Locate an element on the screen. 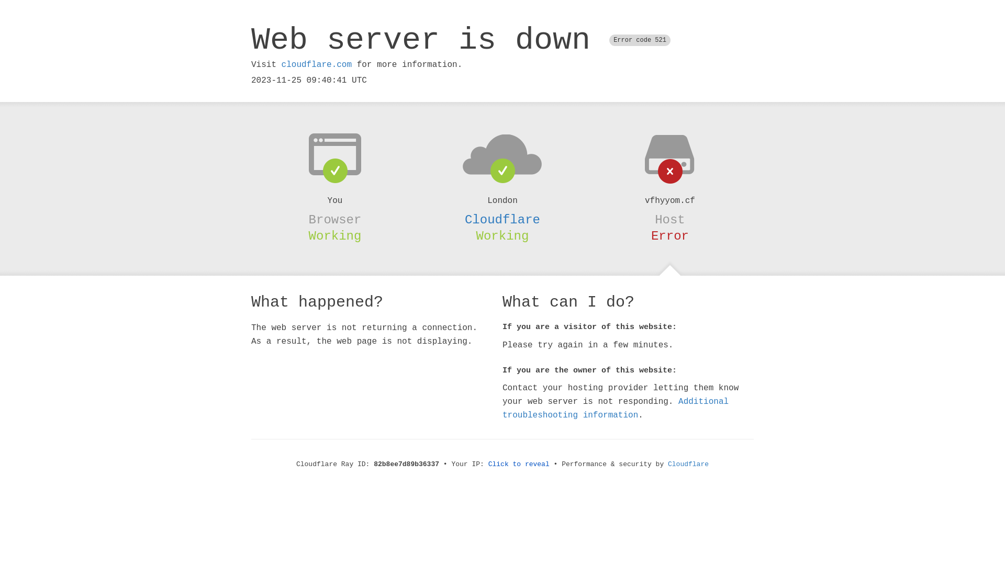 The width and height of the screenshot is (1005, 565). 'Additional troubleshooting information' is located at coordinates (502, 408).